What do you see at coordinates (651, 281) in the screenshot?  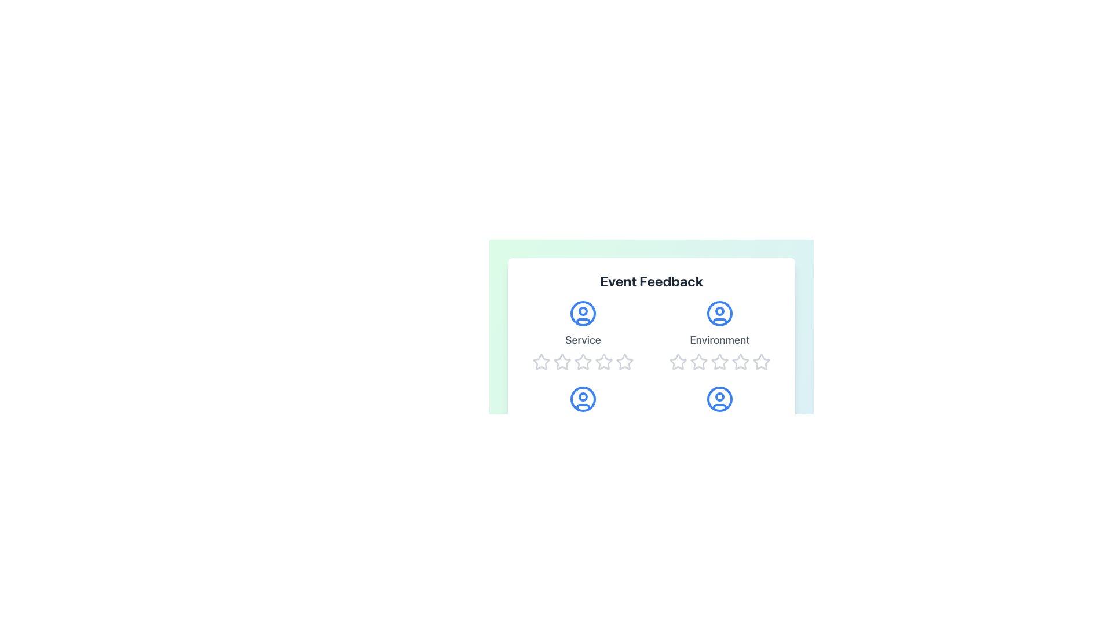 I see `the 'Event Feedback' static text header, which is prominently displayed in bold, large-sized black font at the top of the feedback module` at bounding box center [651, 281].